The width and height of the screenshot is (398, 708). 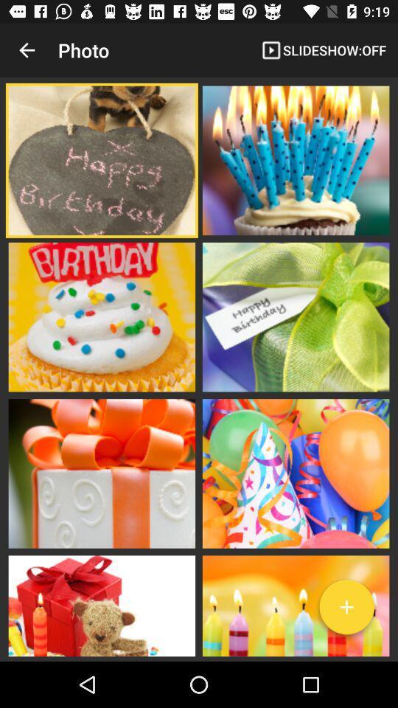 What do you see at coordinates (296, 472) in the screenshot?
I see `the third row second image` at bounding box center [296, 472].